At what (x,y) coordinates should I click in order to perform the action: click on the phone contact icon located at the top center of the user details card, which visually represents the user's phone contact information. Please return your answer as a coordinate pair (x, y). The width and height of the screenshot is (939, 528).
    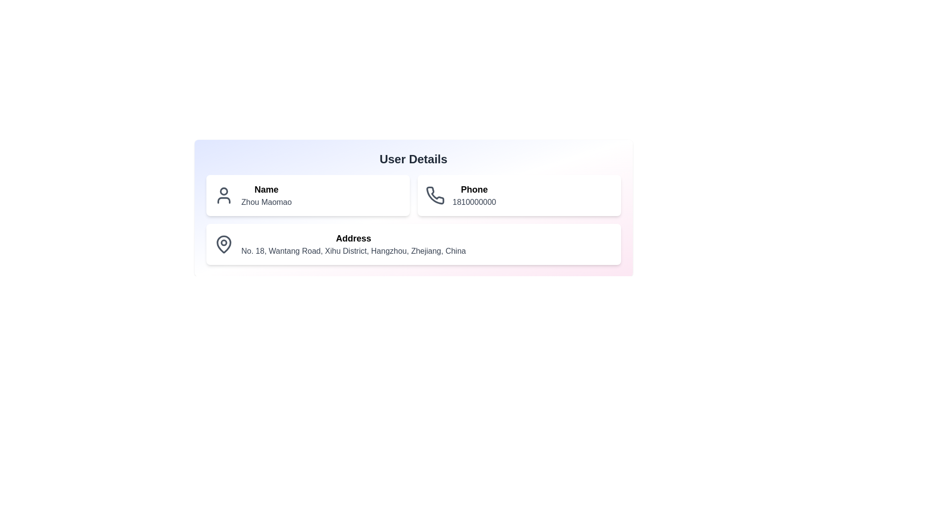
    Looking at the image, I should click on (434, 195).